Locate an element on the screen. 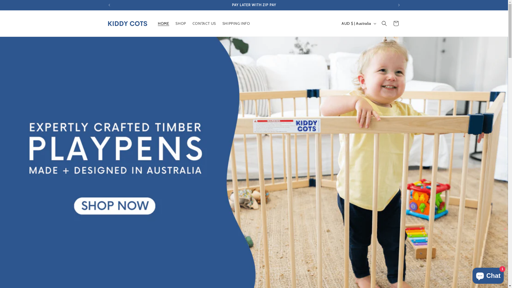 The image size is (512, 288). 'Shopify online store chat' is located at coordinates (488, 274).